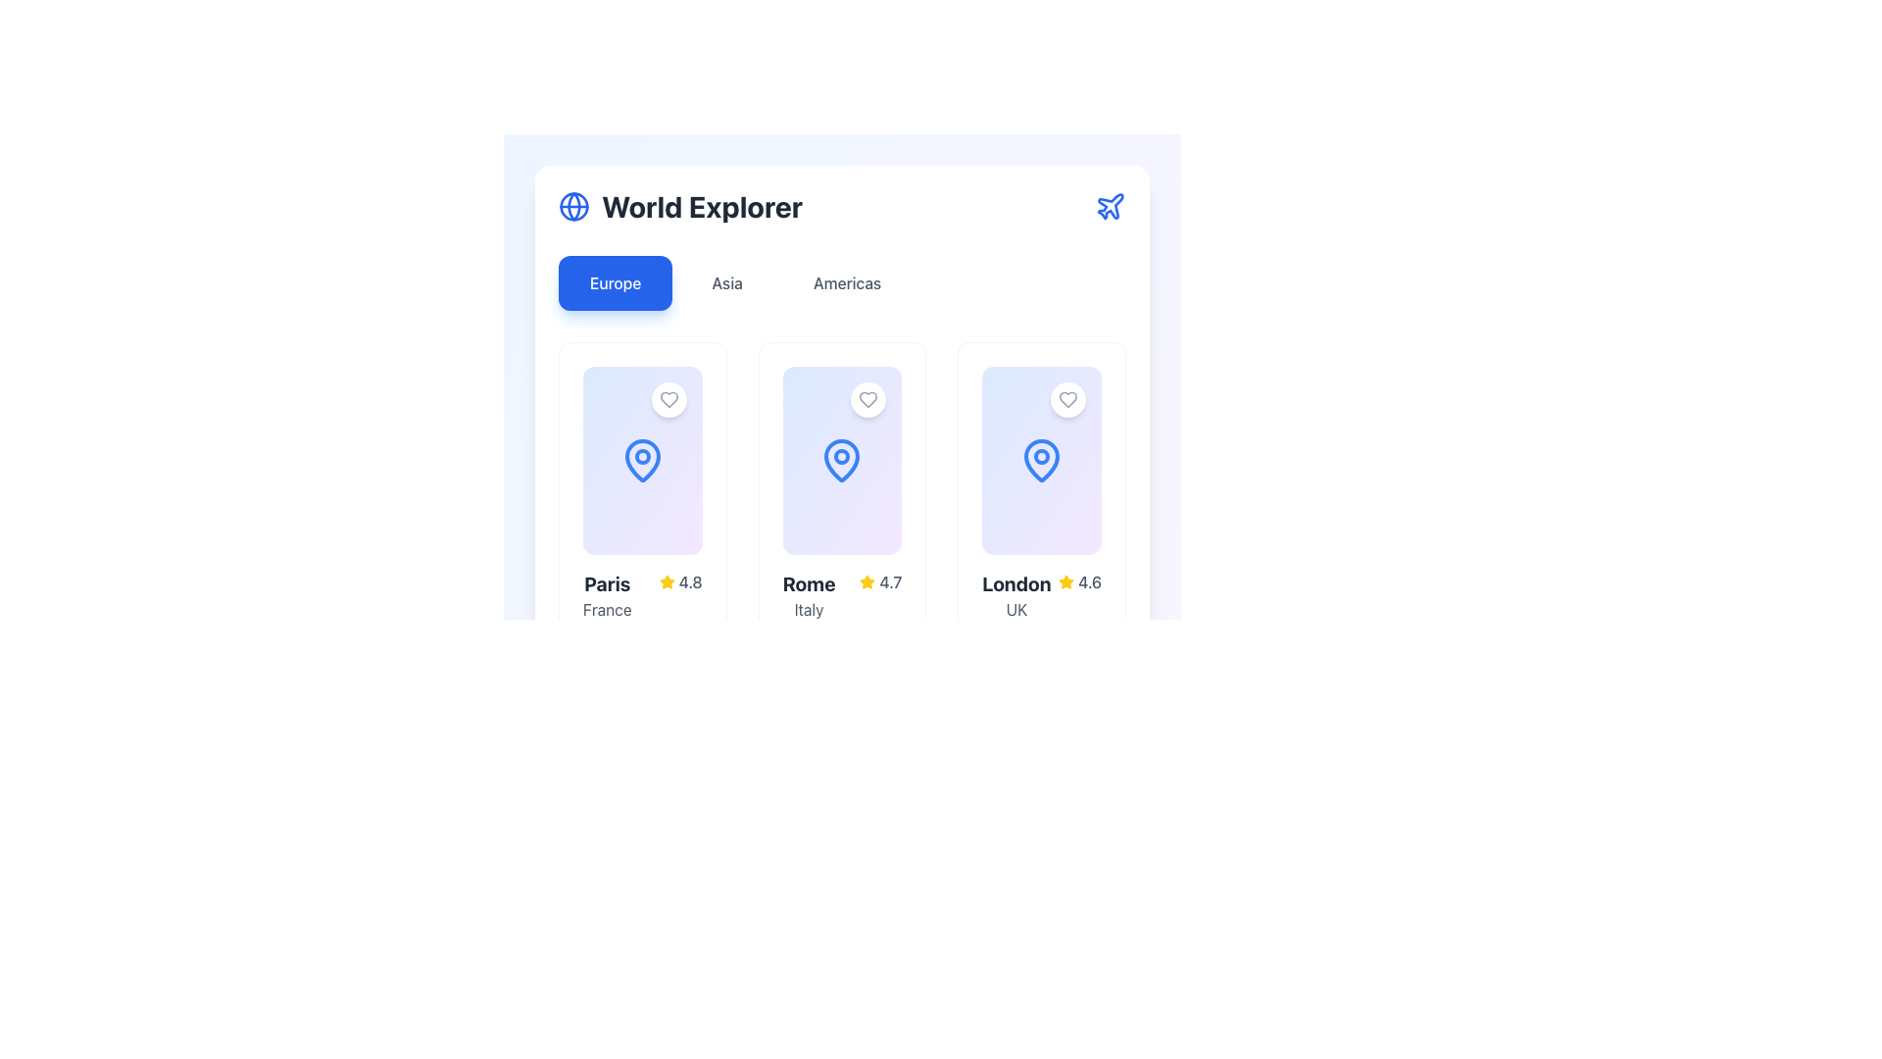  I want to click on the text label displaying 'Paris, France', which identifies the location within the first column of a row containing similar items, so click(606, 595).